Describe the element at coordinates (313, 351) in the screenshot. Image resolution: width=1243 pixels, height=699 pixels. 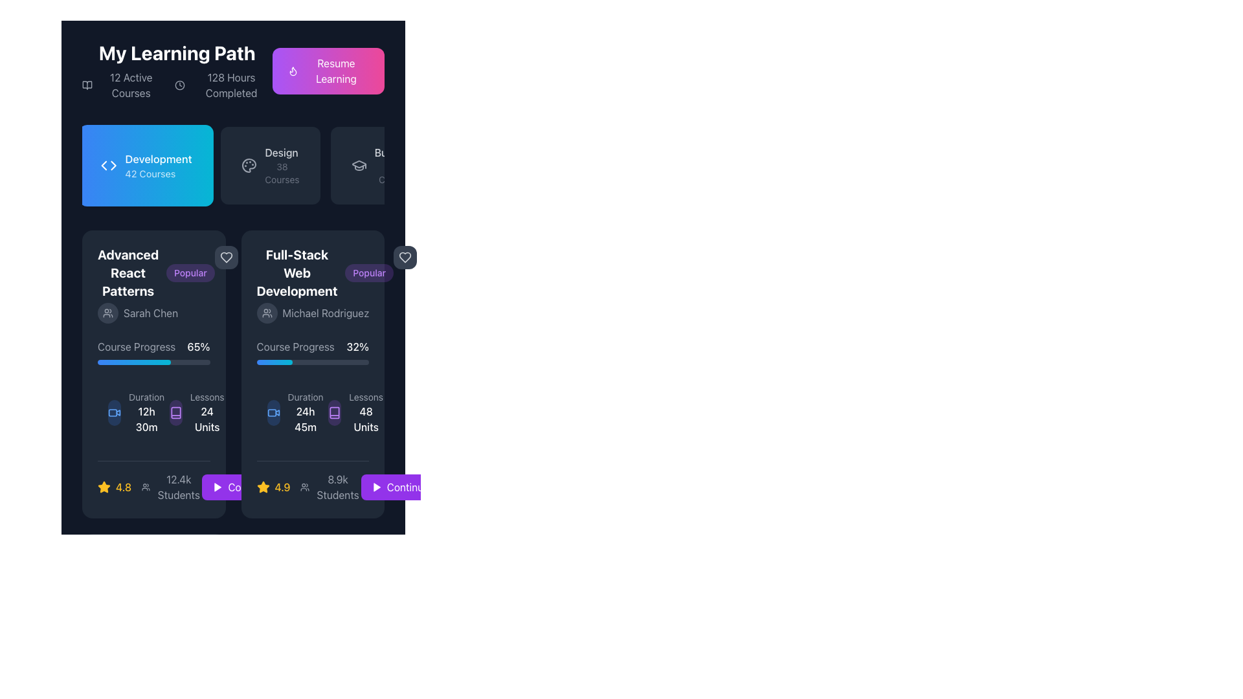
I see `the Progress Indicator that visually represents the user's progress in the 'Full-Stack Web Development' course, located within the course card, below the title and instructor information` at that location.